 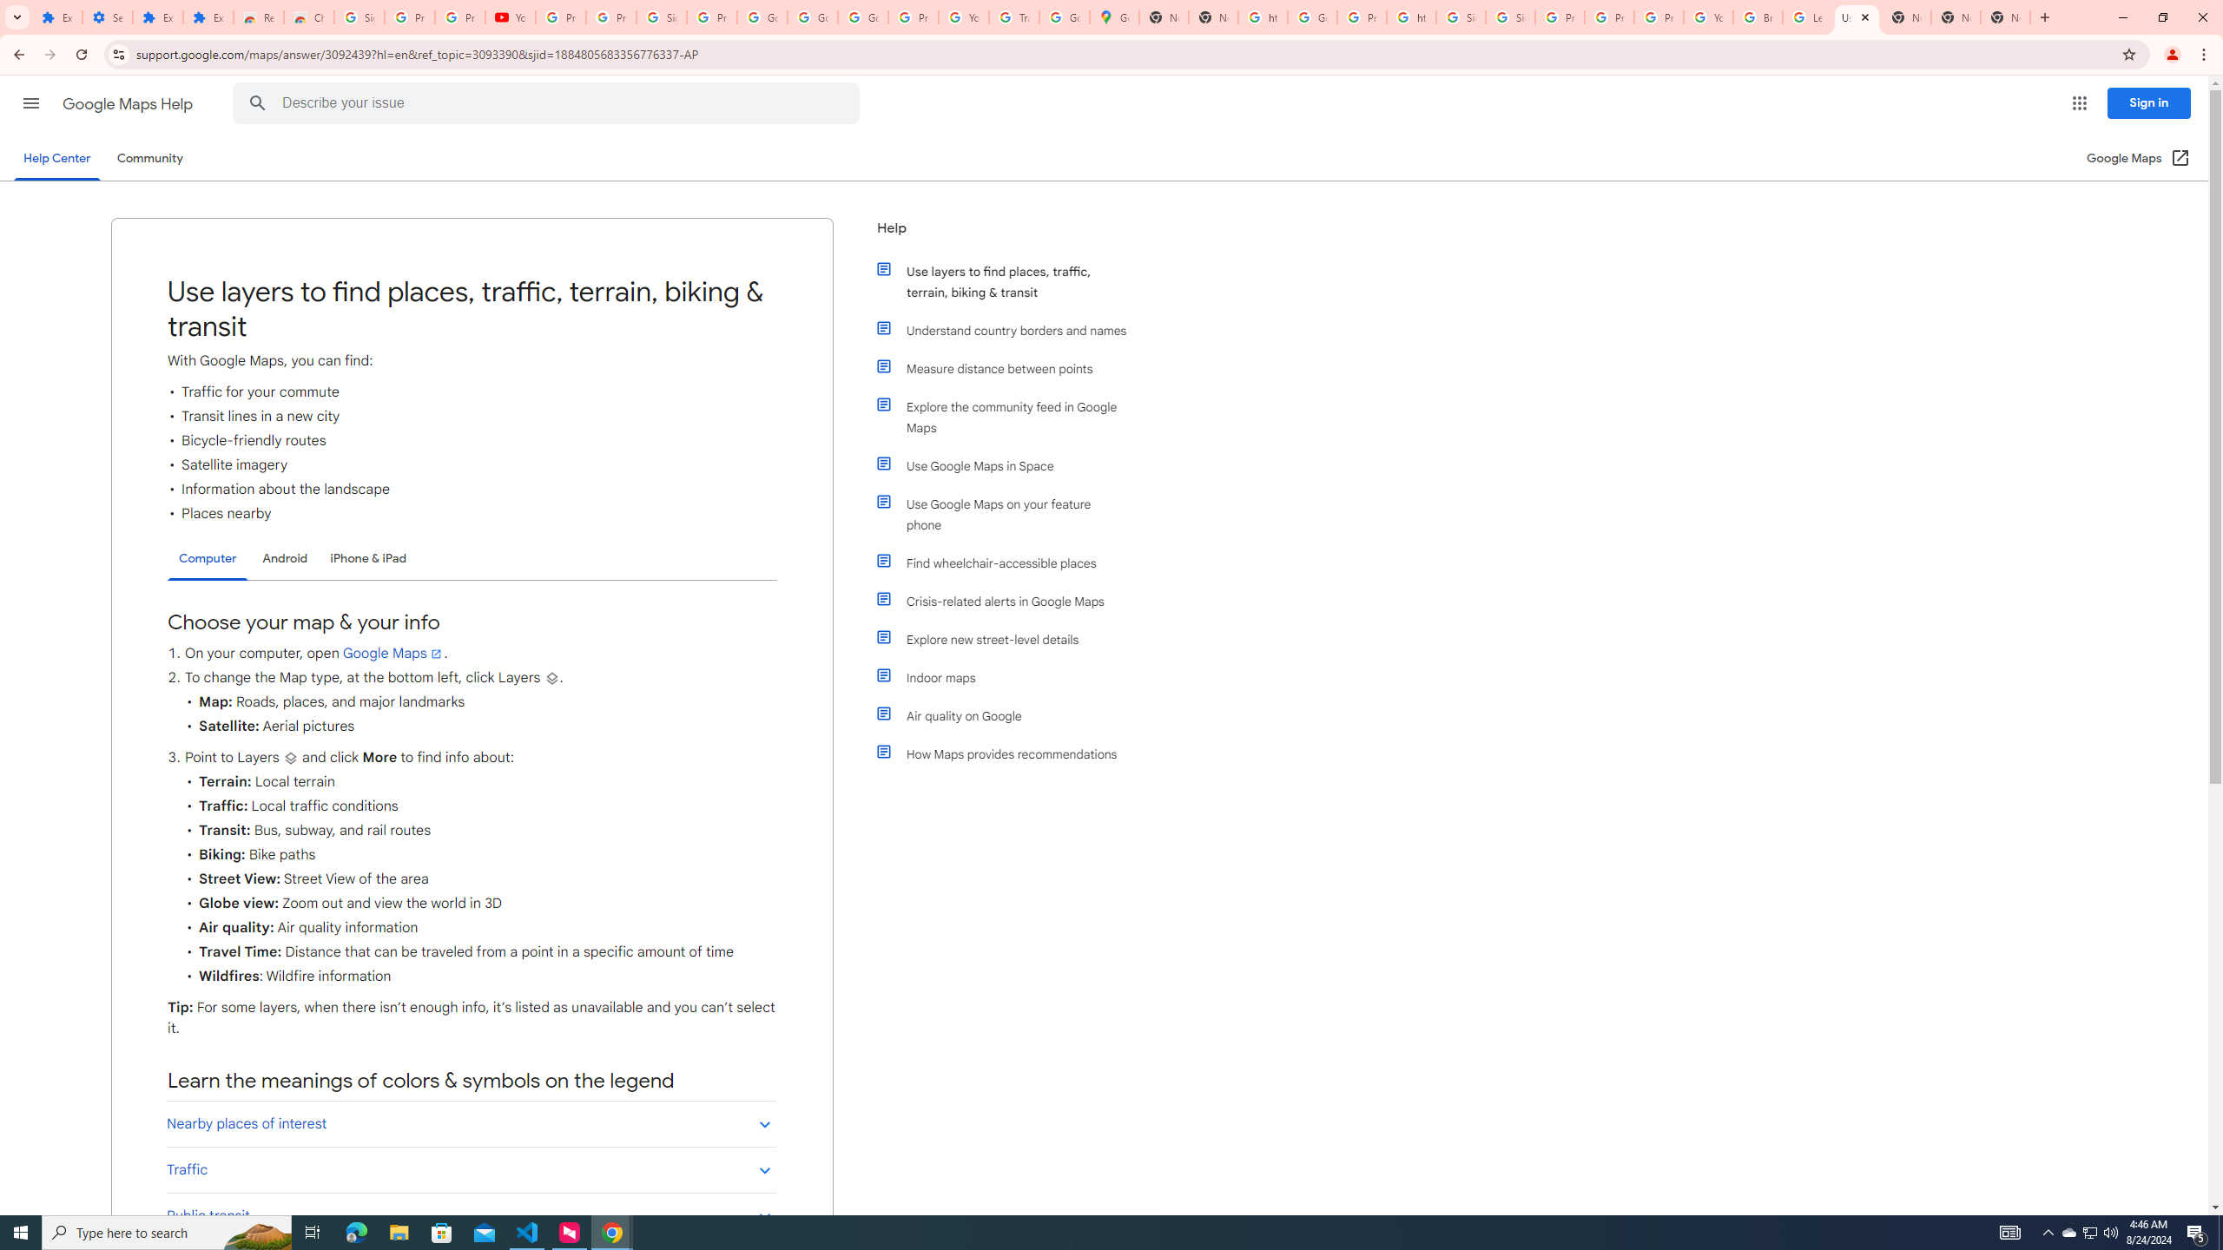 I want to click on 'Help Center', so click(x=56, y=157).